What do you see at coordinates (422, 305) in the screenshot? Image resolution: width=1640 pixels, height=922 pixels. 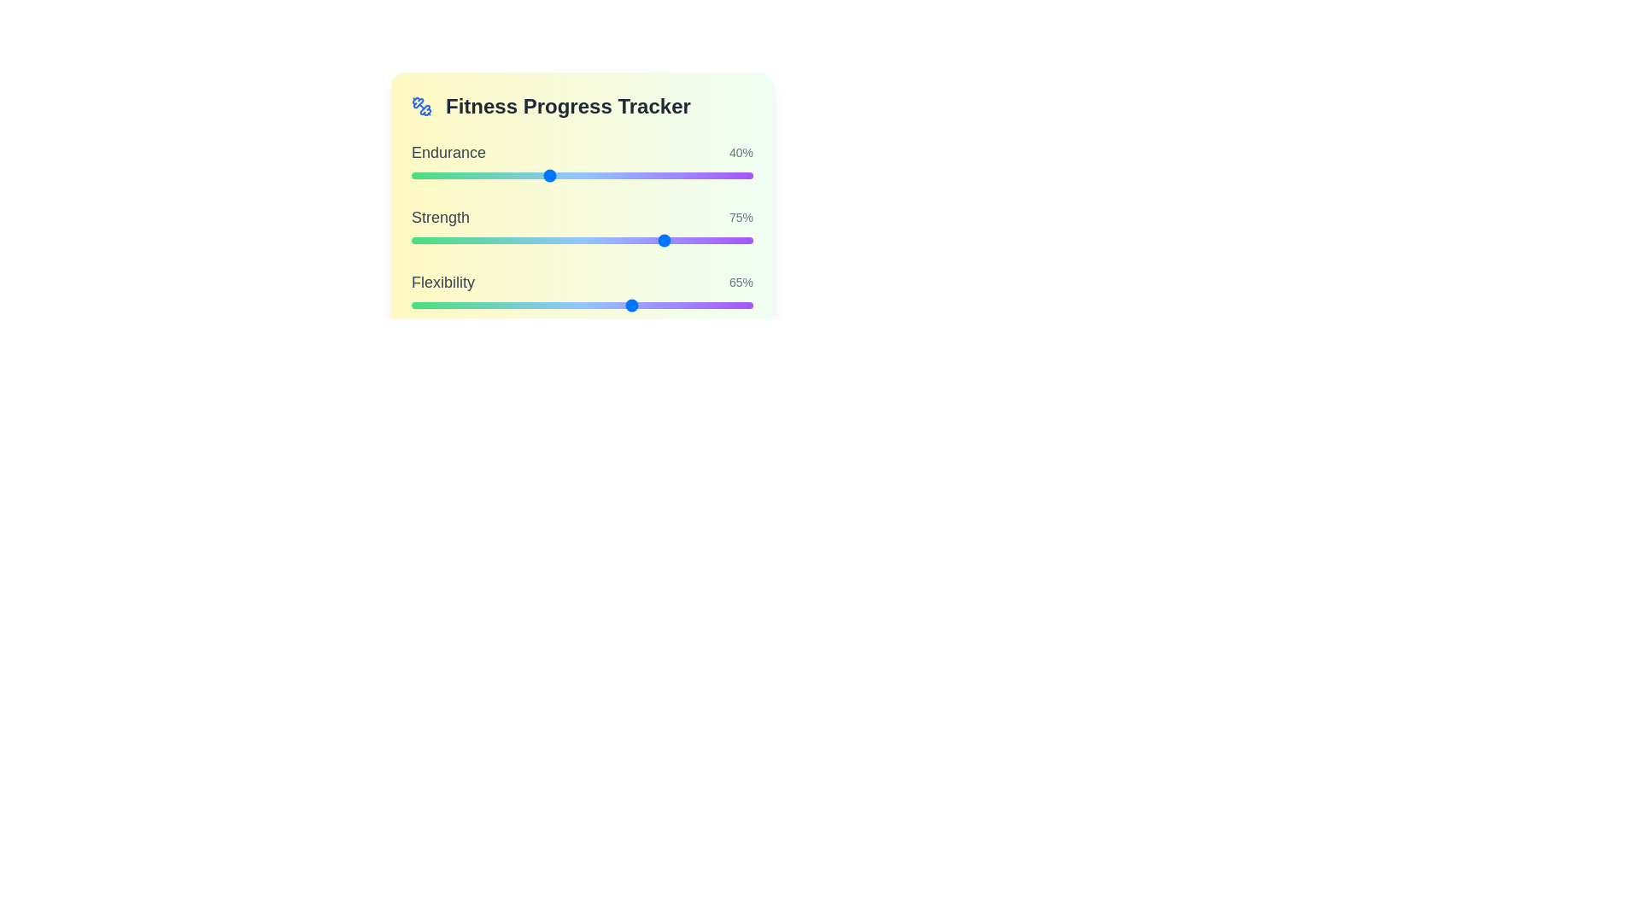 I see `flexibility percentage` at bounding box center [422, 305].